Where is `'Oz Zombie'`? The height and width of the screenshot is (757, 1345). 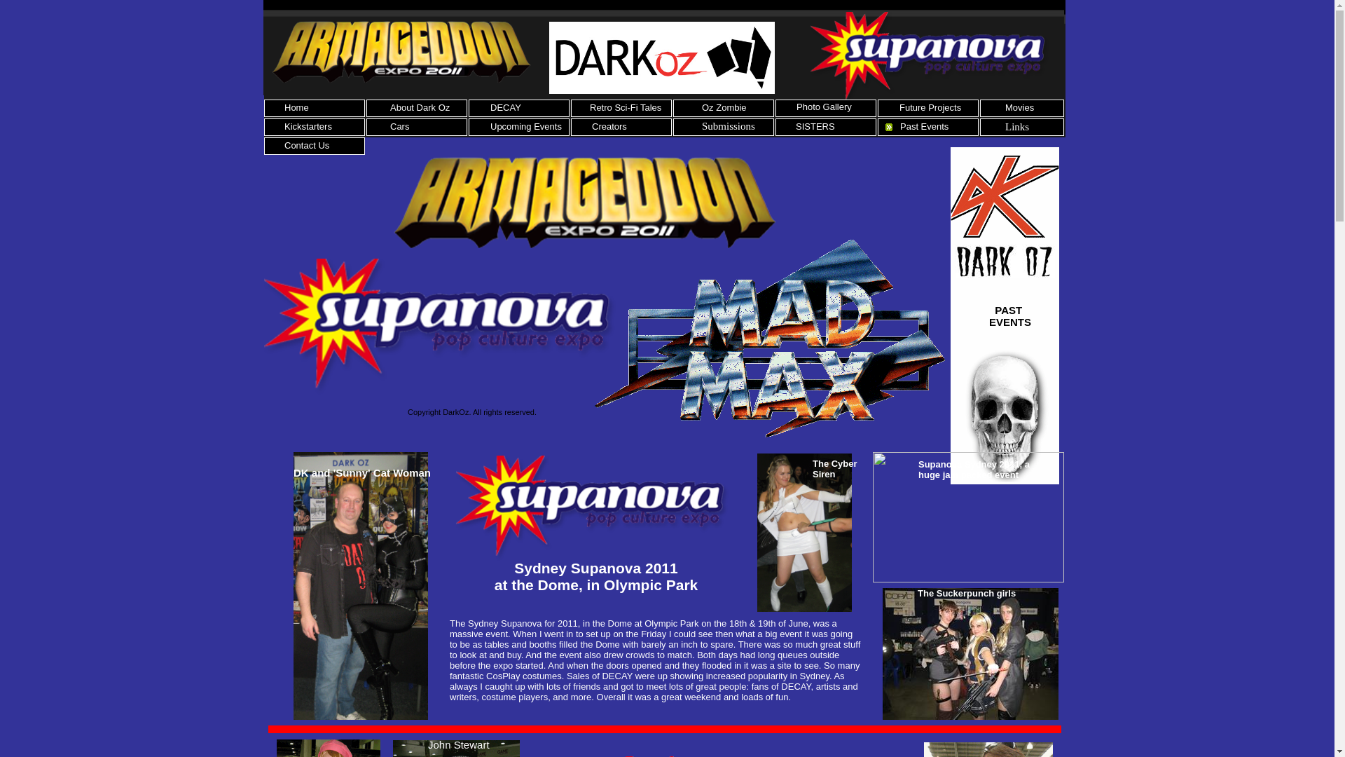 'Oz Zombie' is located at coordinates (724, 107).